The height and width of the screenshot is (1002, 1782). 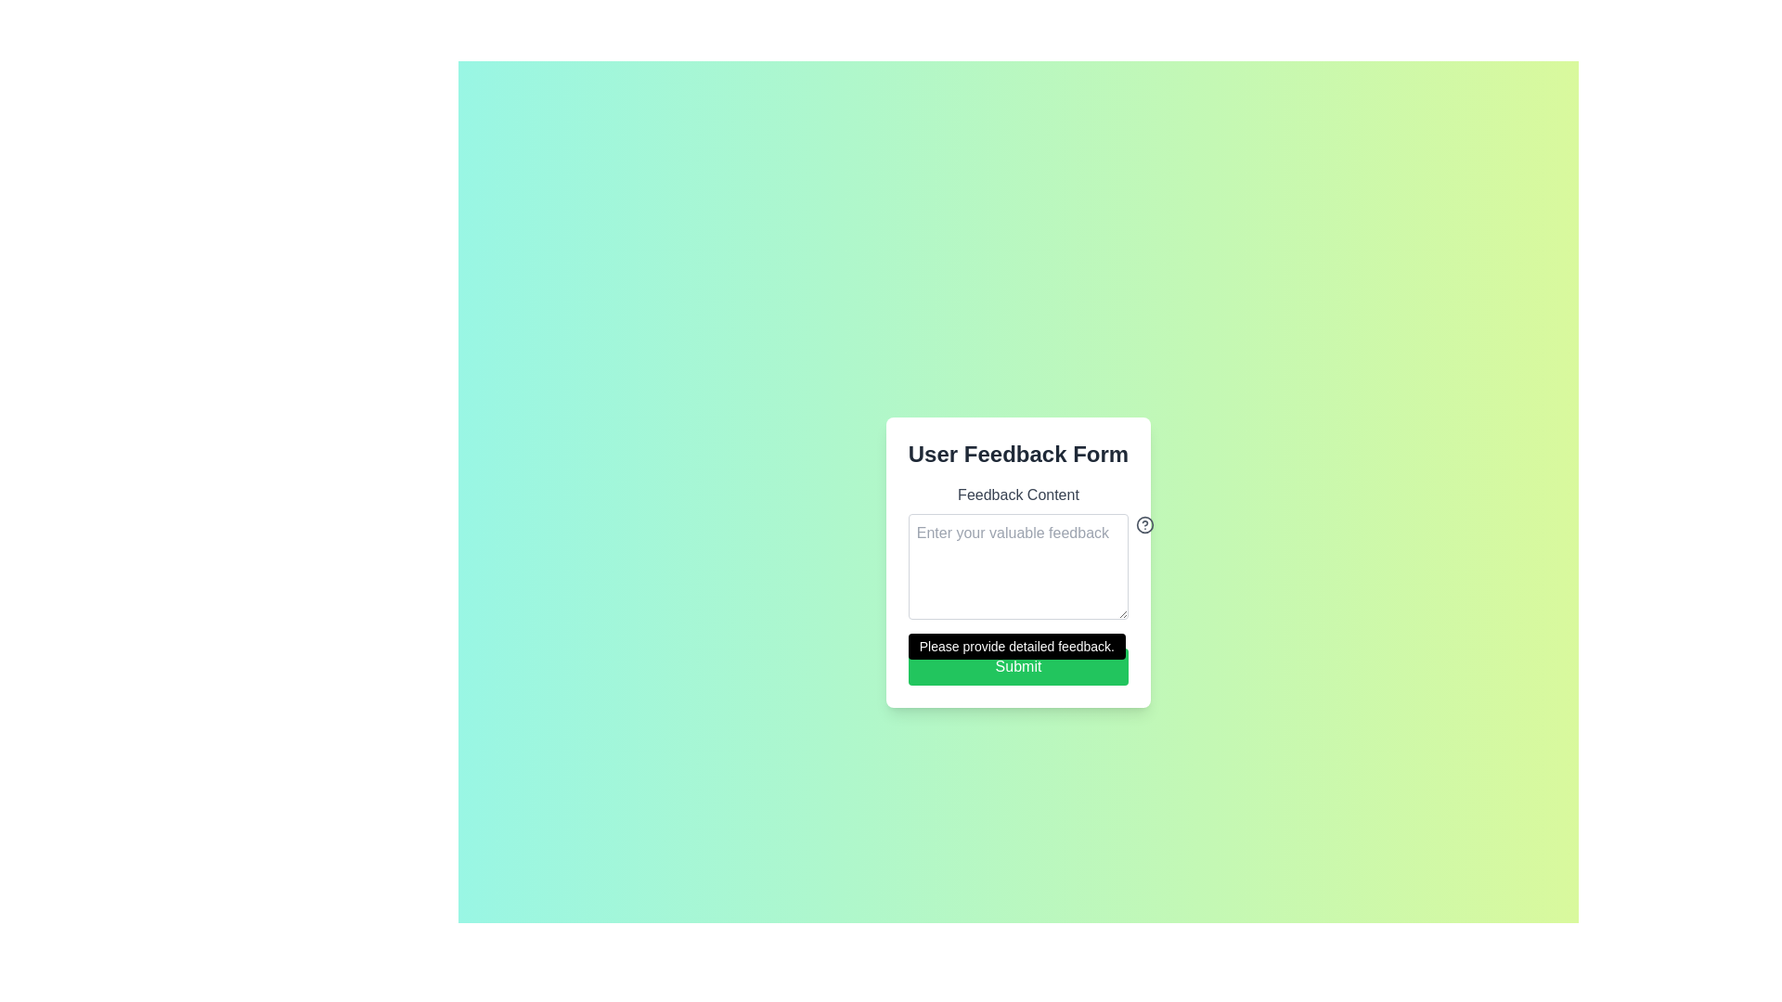 What do you see at coordinates (1017, 454) in the screenshot?
I see `the 'User Feedback Form' text label, which is a bold, larger heading in dark color located at the top of the feedback form interface` at bounding box center [1017, 454].